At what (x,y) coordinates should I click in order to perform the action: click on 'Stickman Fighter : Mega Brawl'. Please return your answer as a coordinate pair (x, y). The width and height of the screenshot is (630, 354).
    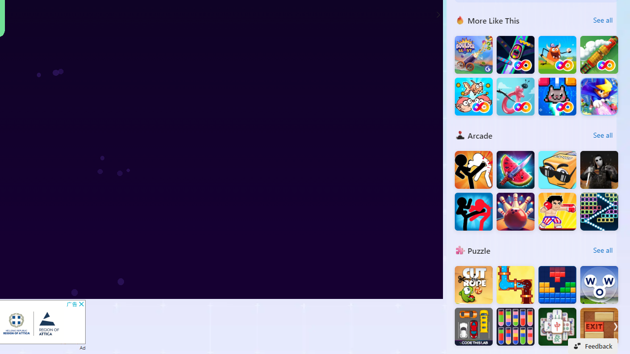
    Looking at the image, I should click on (473, 169).